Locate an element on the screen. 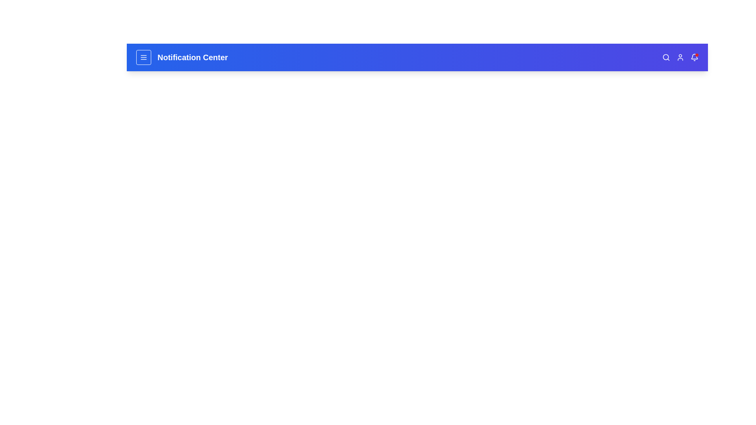 Image resolution: width=756 pixels, height=425 pixels. the user icon to access the user profile is located at coordinates (680, 57).